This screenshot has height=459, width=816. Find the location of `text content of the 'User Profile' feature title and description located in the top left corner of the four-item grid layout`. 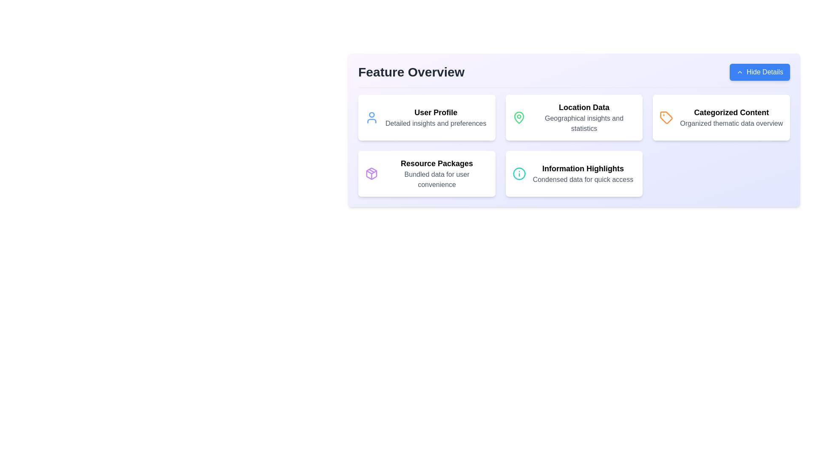

text content of the 'User Profile' feature title and description located in the top left corner of the four-item grid layout is located at coordinates (436, 118).